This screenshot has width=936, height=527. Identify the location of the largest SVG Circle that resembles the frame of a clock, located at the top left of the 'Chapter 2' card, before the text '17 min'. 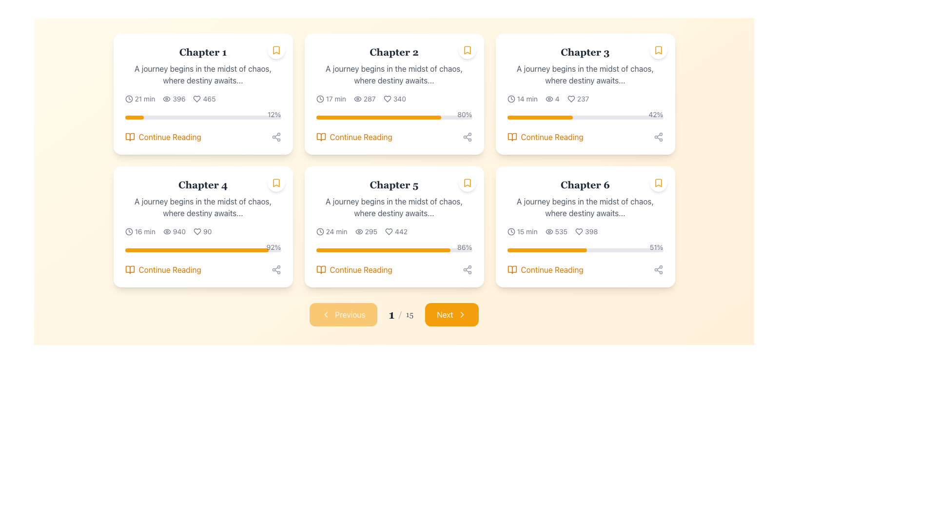
(320, 99).